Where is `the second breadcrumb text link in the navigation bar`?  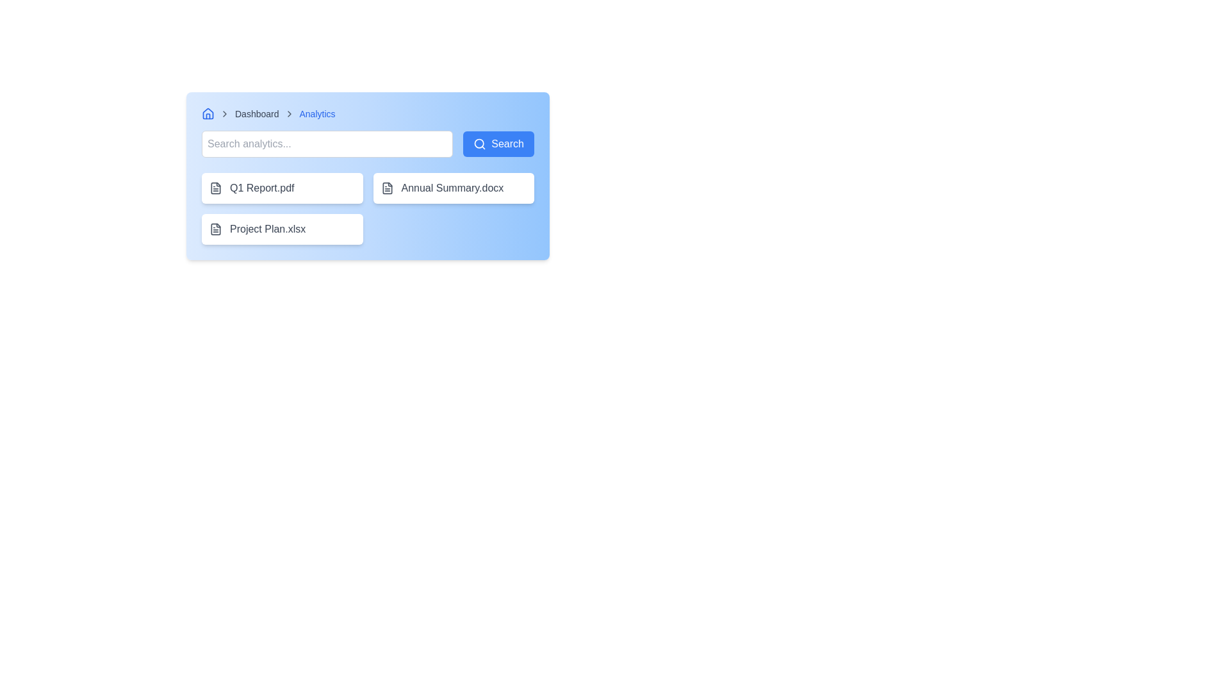
the second breadcrumb text link in the navigation bar is located at coordinates (256, 113).